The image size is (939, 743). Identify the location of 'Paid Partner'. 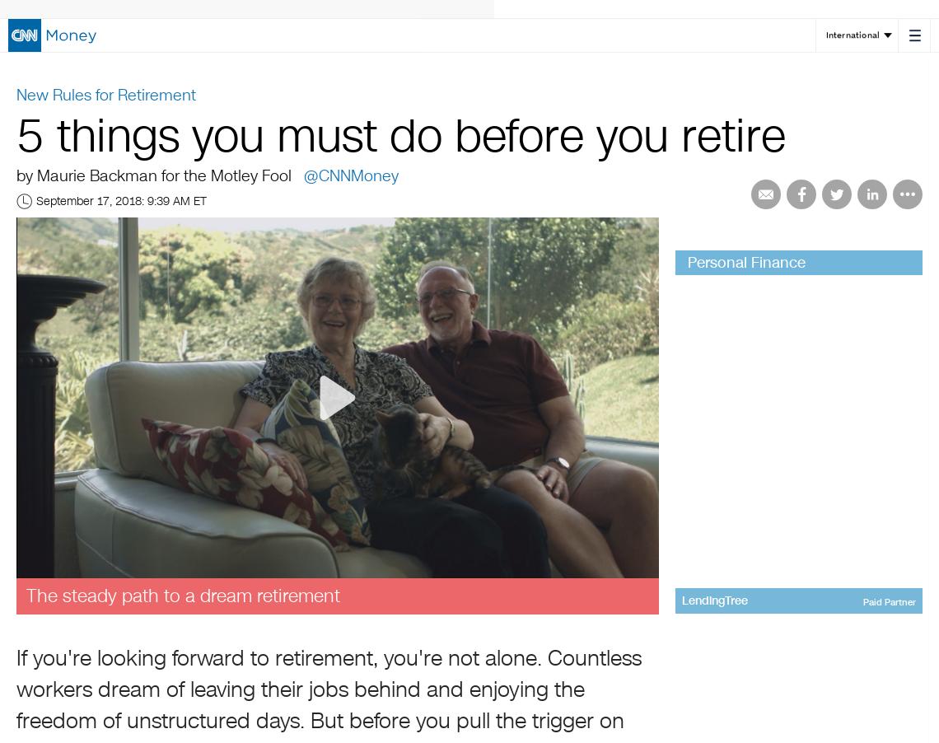
(889, 601).